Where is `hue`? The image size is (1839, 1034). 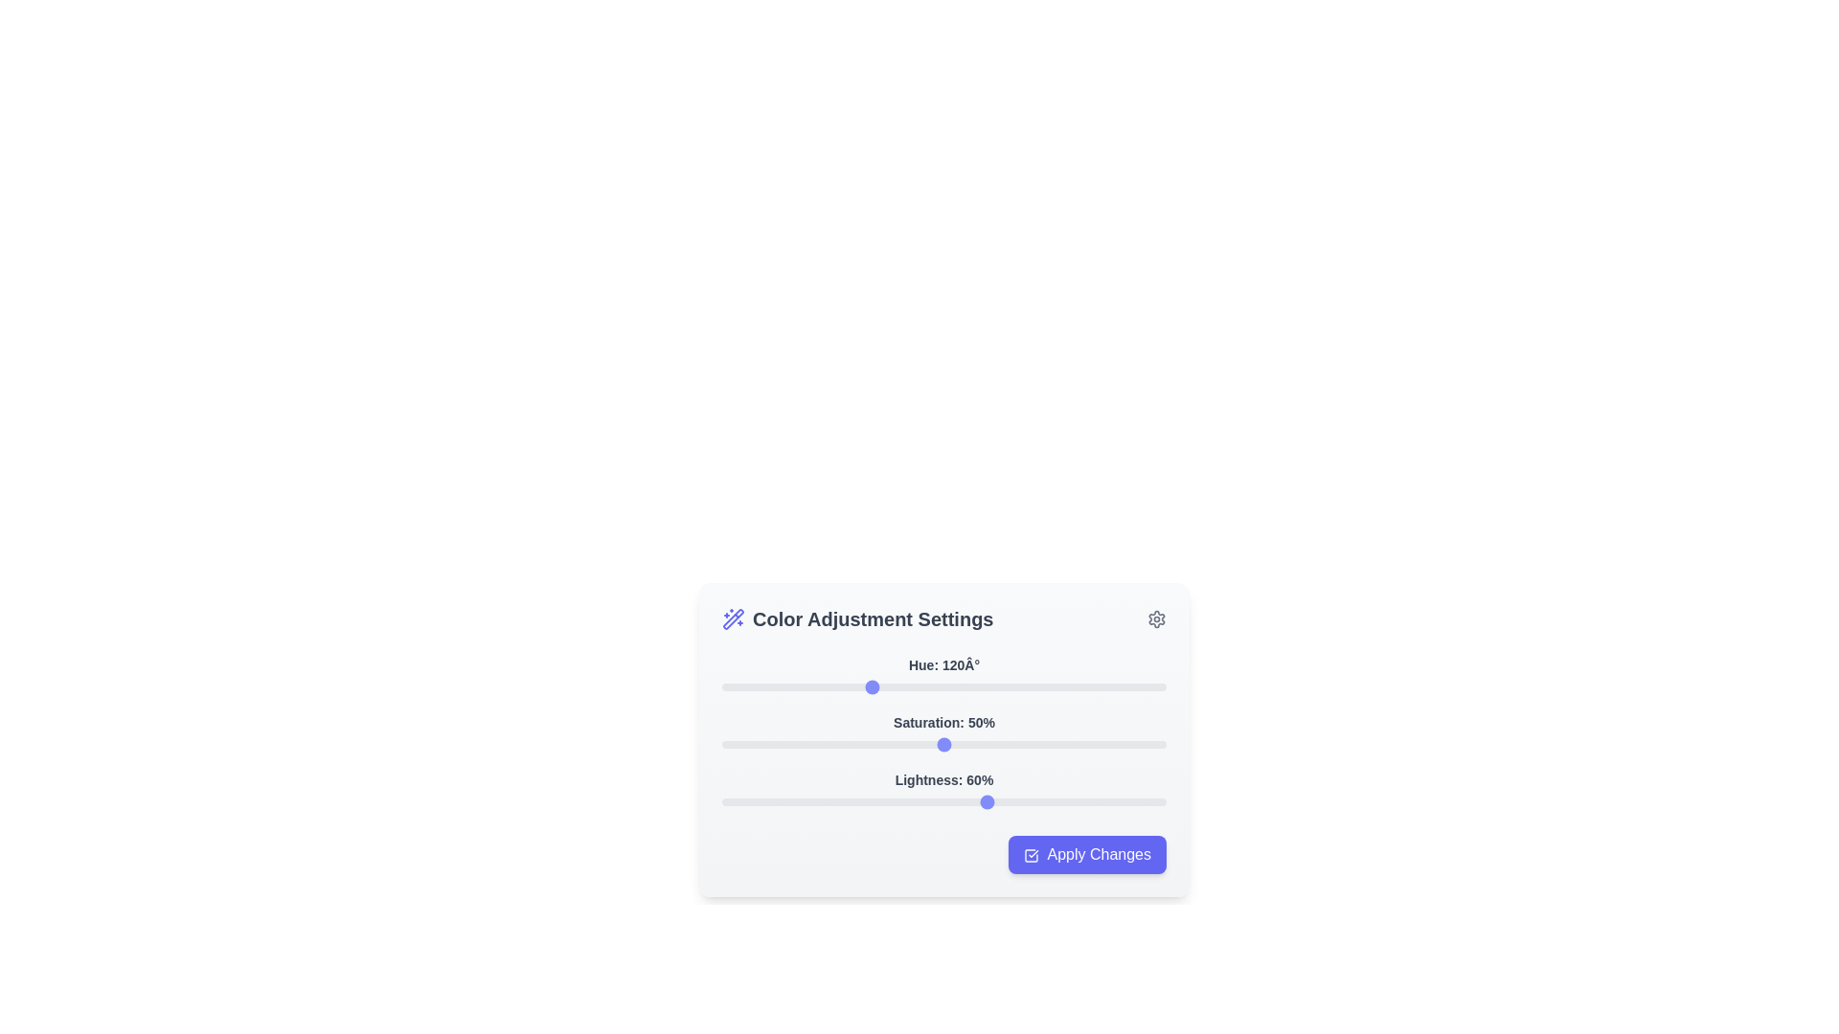
hue is located at coordinates (964, 686).